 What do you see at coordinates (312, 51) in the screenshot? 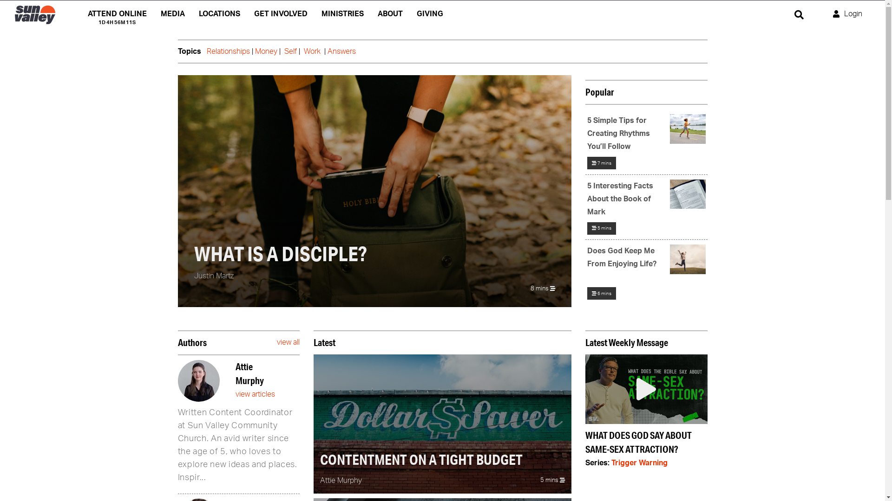
I see `'Work'` at bounding box center [312, 51].